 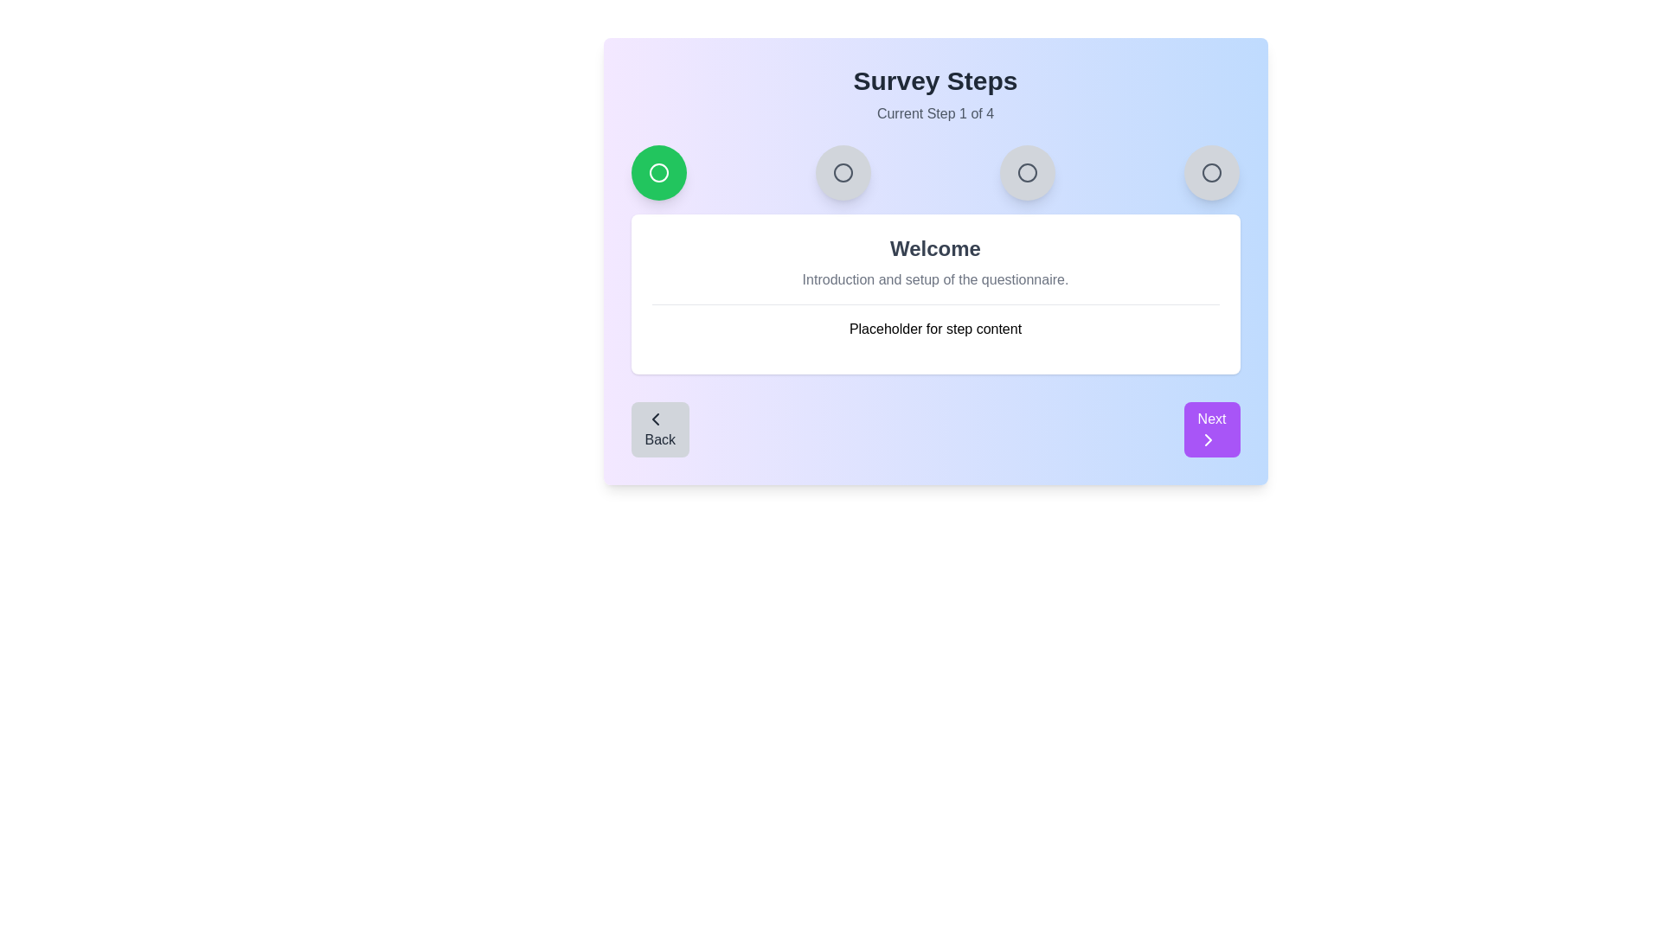 What do you see at coordinates (1211, 173) in the screenshot?
I see `the rightmost circular icon button, which has a hollow outline and is part of a series of four horizontally aligned circular buttons near the top of the interface` at bounding box center [1211, 173].